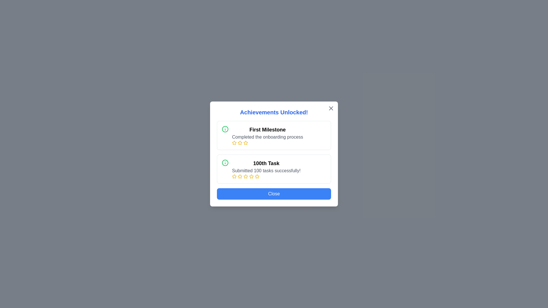 The height and width of the screenshot is (308, 548). Describe the element at coordinates (234, 176) in the screenshot. I see `the third star icon in the second rating row under the subtitle '100th Task'` at that location.